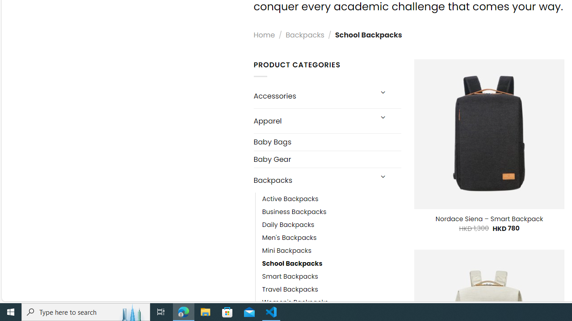 This screenshot has height=321, width=572. I want to click on 'Business Backpacks', so click(294, 212).